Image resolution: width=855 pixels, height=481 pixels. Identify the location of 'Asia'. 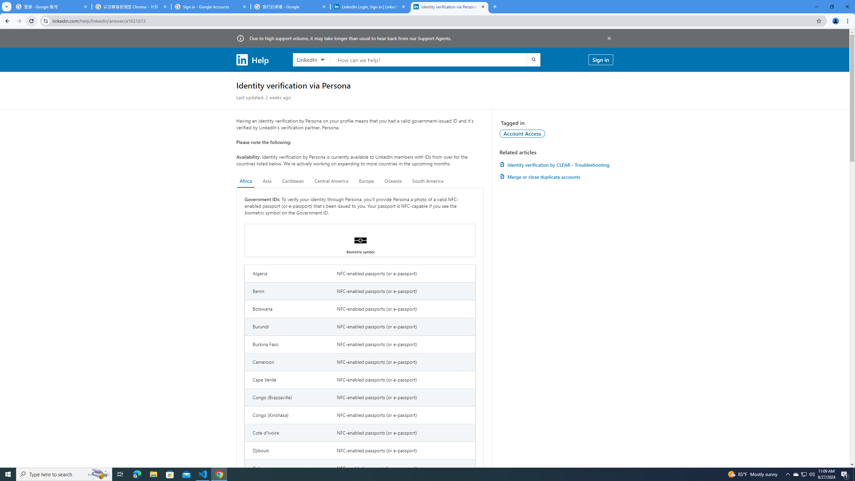
(267, 181).